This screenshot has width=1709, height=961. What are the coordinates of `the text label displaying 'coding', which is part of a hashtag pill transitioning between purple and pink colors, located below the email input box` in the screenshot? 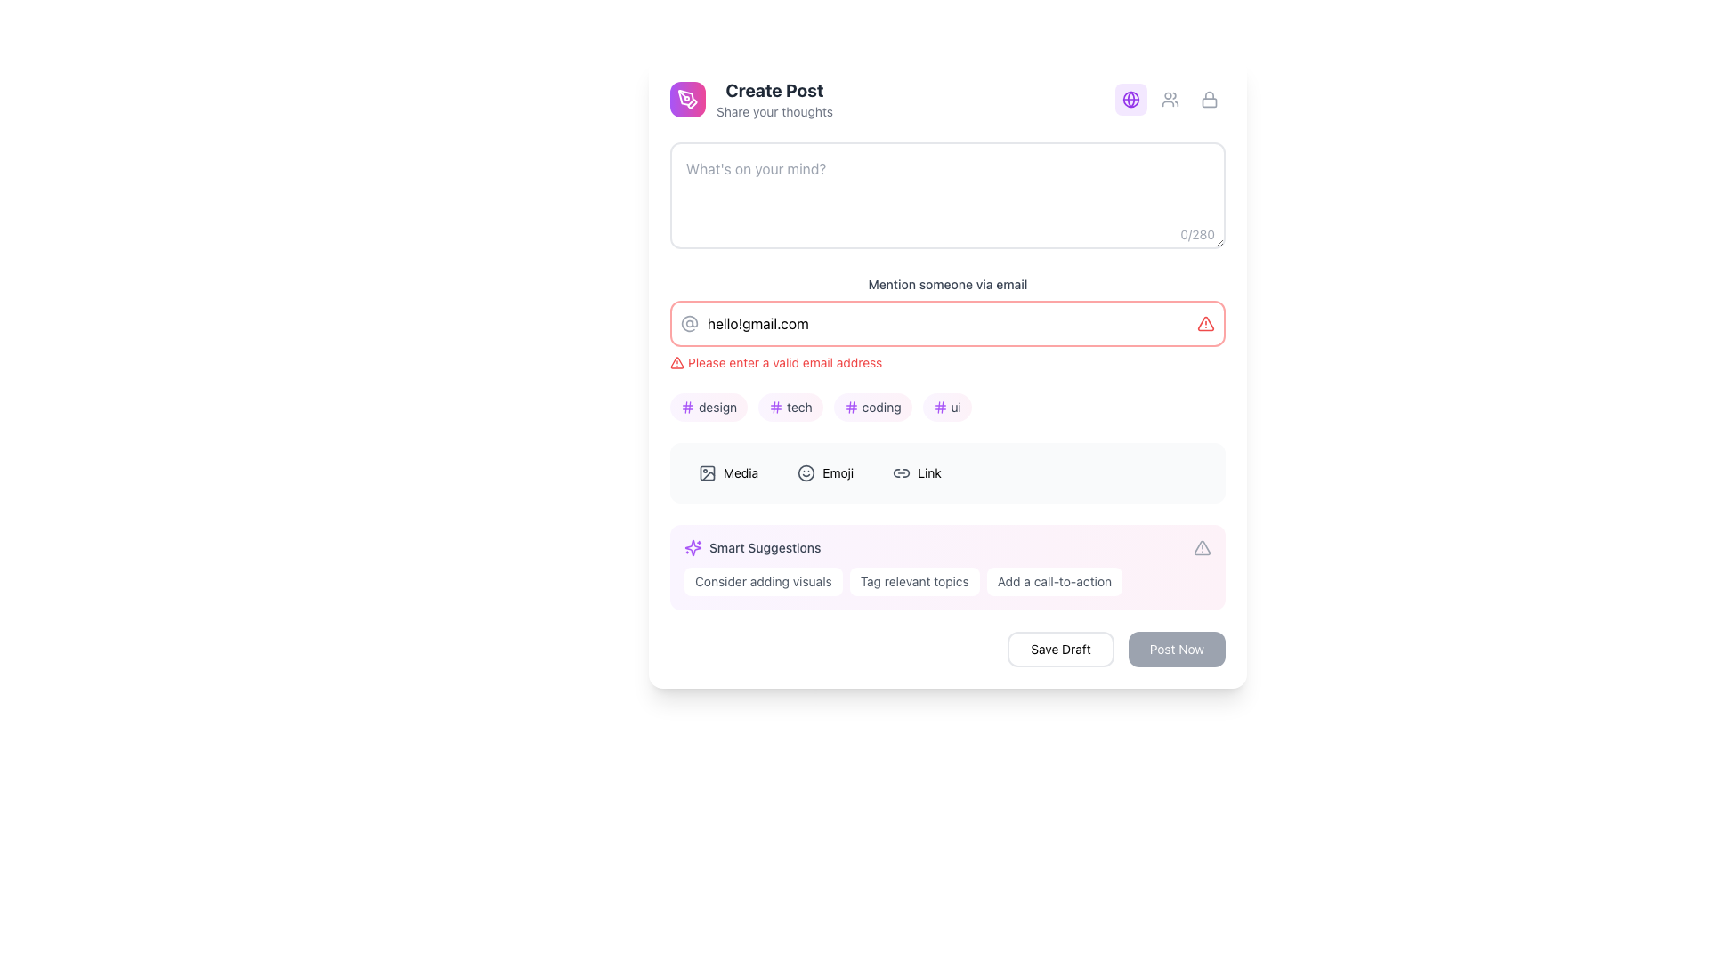 It's located at (881, 408).